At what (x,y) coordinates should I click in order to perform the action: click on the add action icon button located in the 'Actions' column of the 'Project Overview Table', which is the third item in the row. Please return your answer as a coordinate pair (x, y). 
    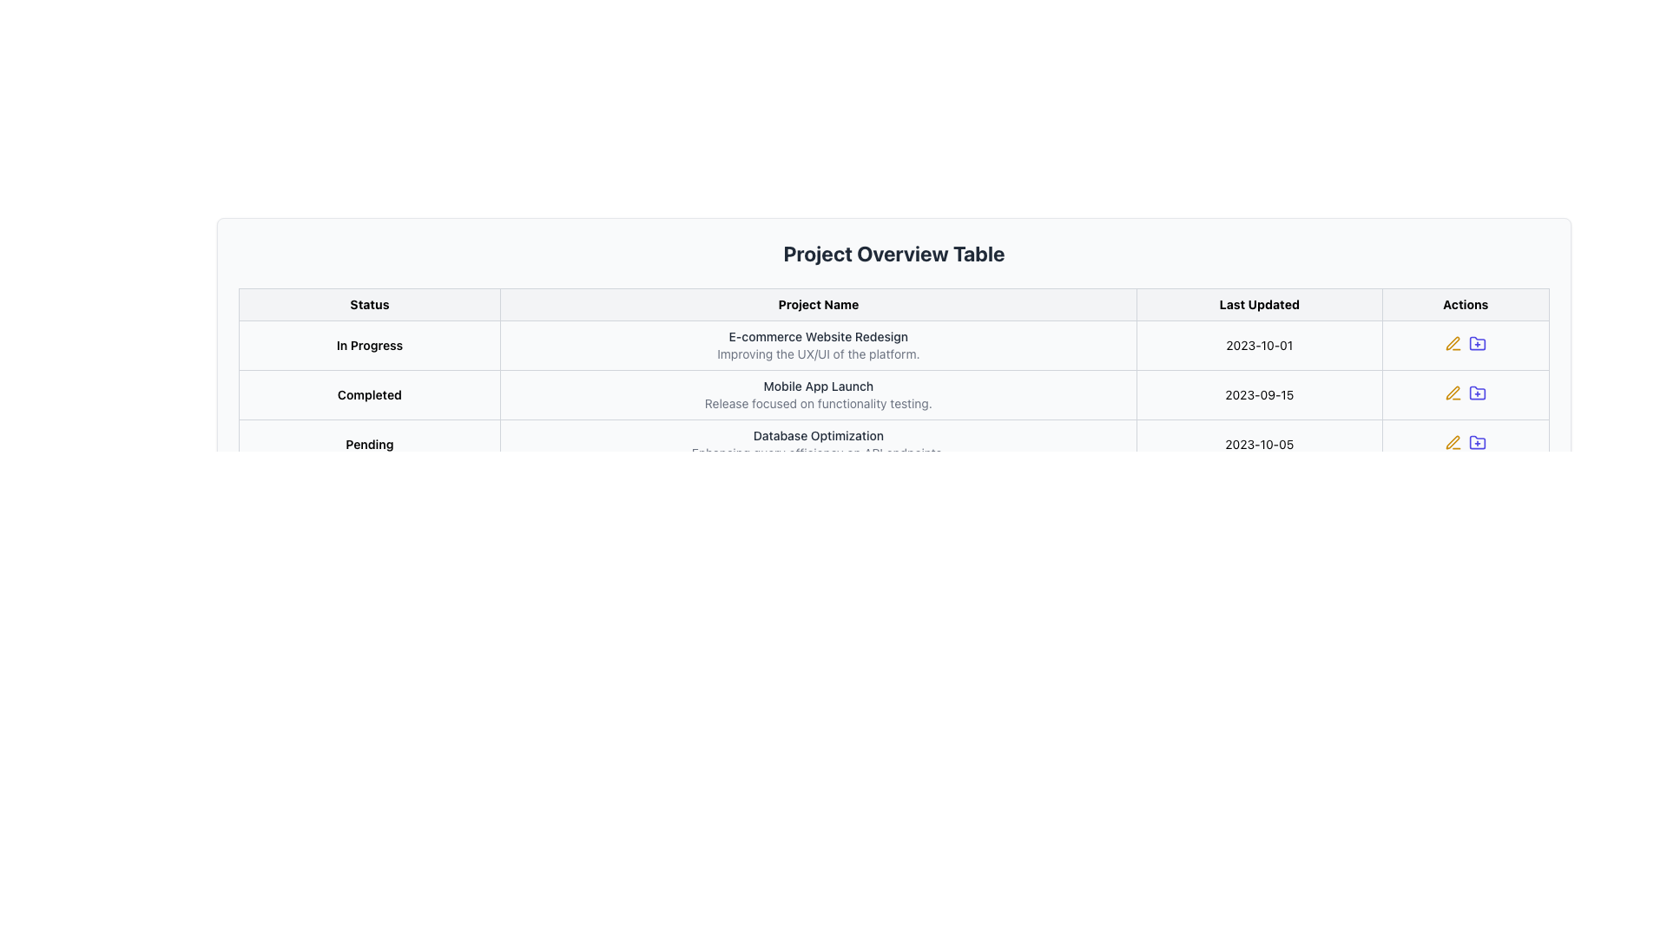
    Looking at the image, I should click on (1477, 343).